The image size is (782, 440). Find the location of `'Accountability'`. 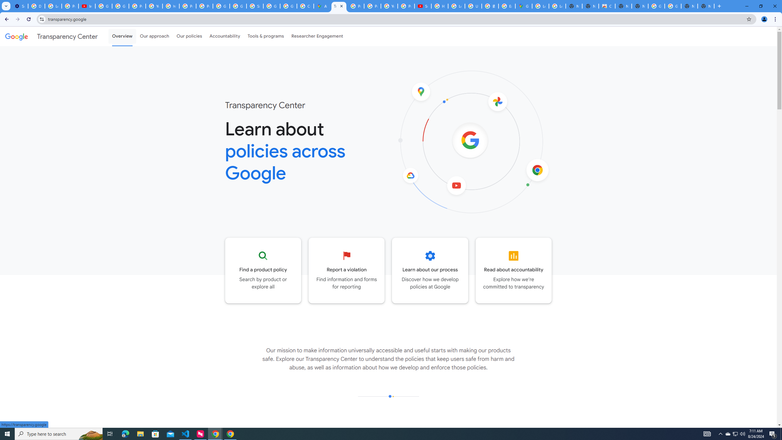

'Accountability' is located at coordinates (225, 36).